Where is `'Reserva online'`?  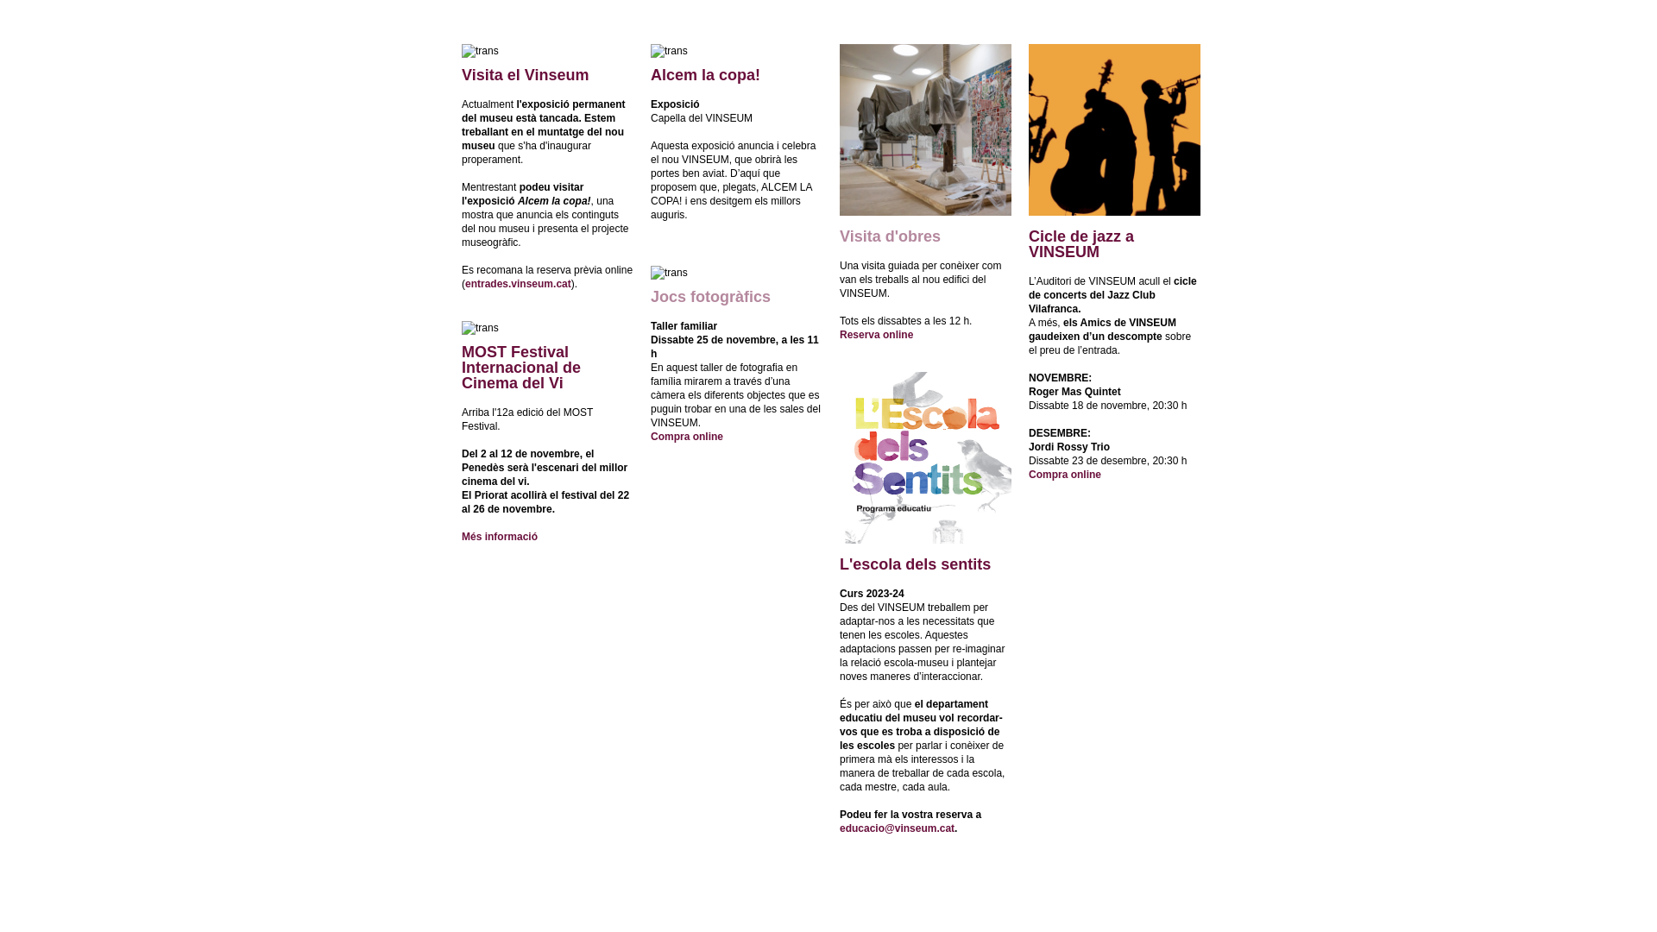 'Reserva online' is located at coordinates (876, 335).